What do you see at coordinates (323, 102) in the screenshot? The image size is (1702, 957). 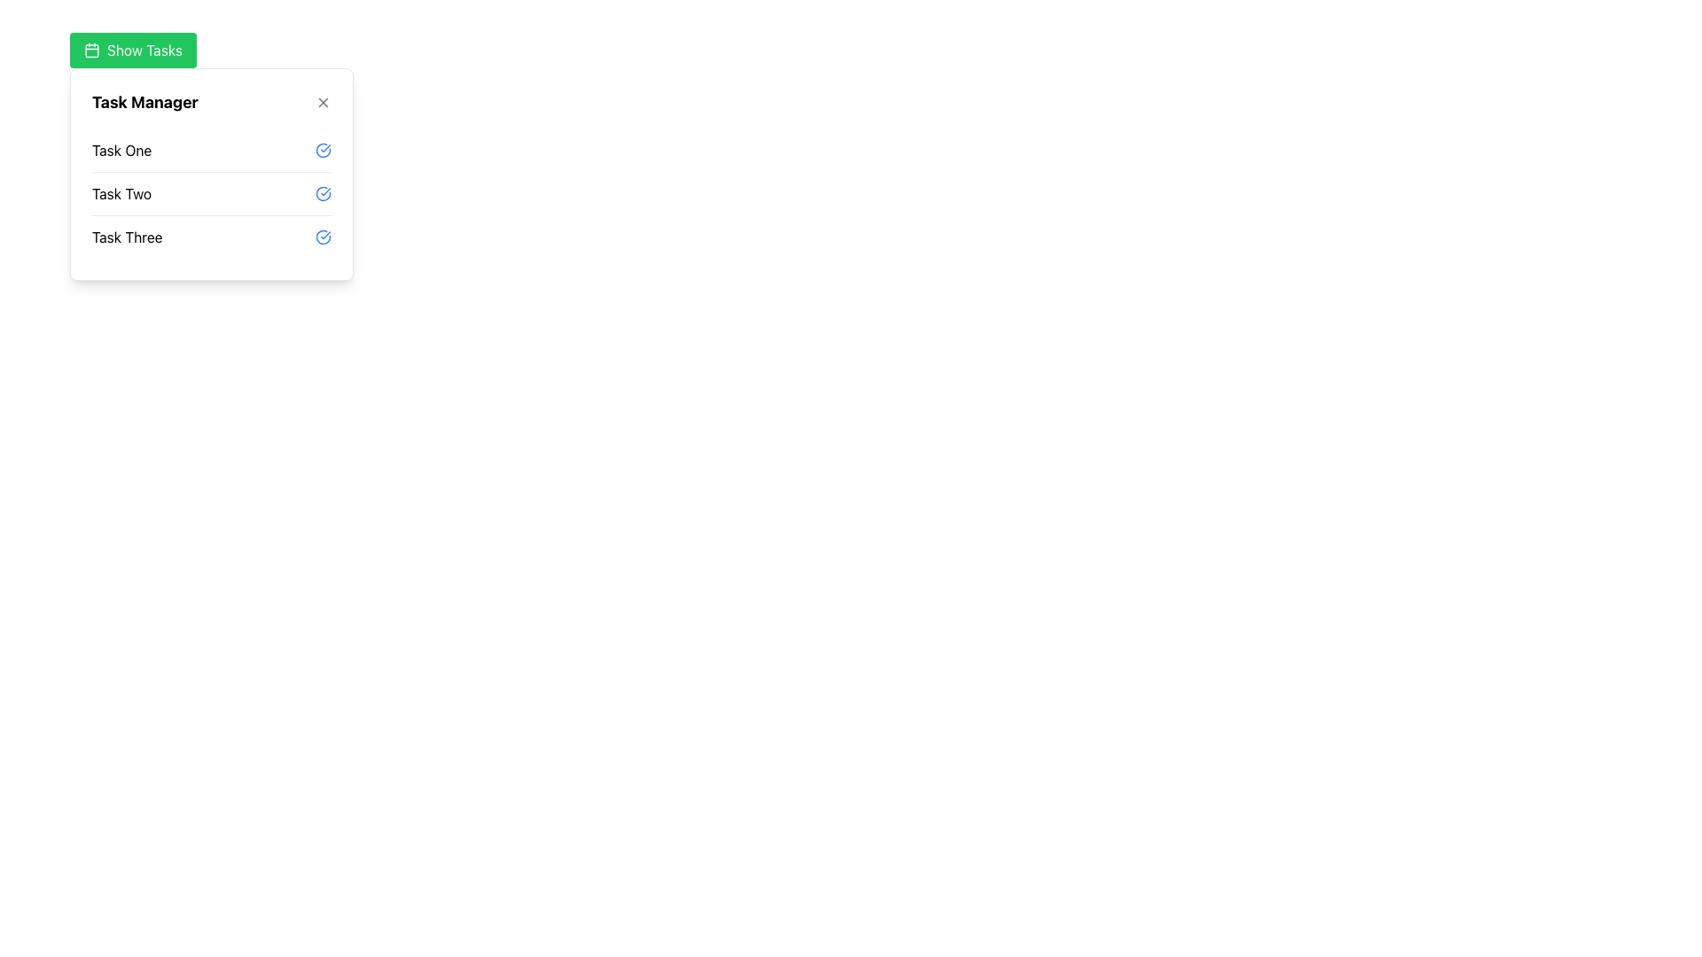 I see `the close icon (a diagonal cross) located in the upper right corner of the 'Task Manager' card` at bounding box center [323, 102].